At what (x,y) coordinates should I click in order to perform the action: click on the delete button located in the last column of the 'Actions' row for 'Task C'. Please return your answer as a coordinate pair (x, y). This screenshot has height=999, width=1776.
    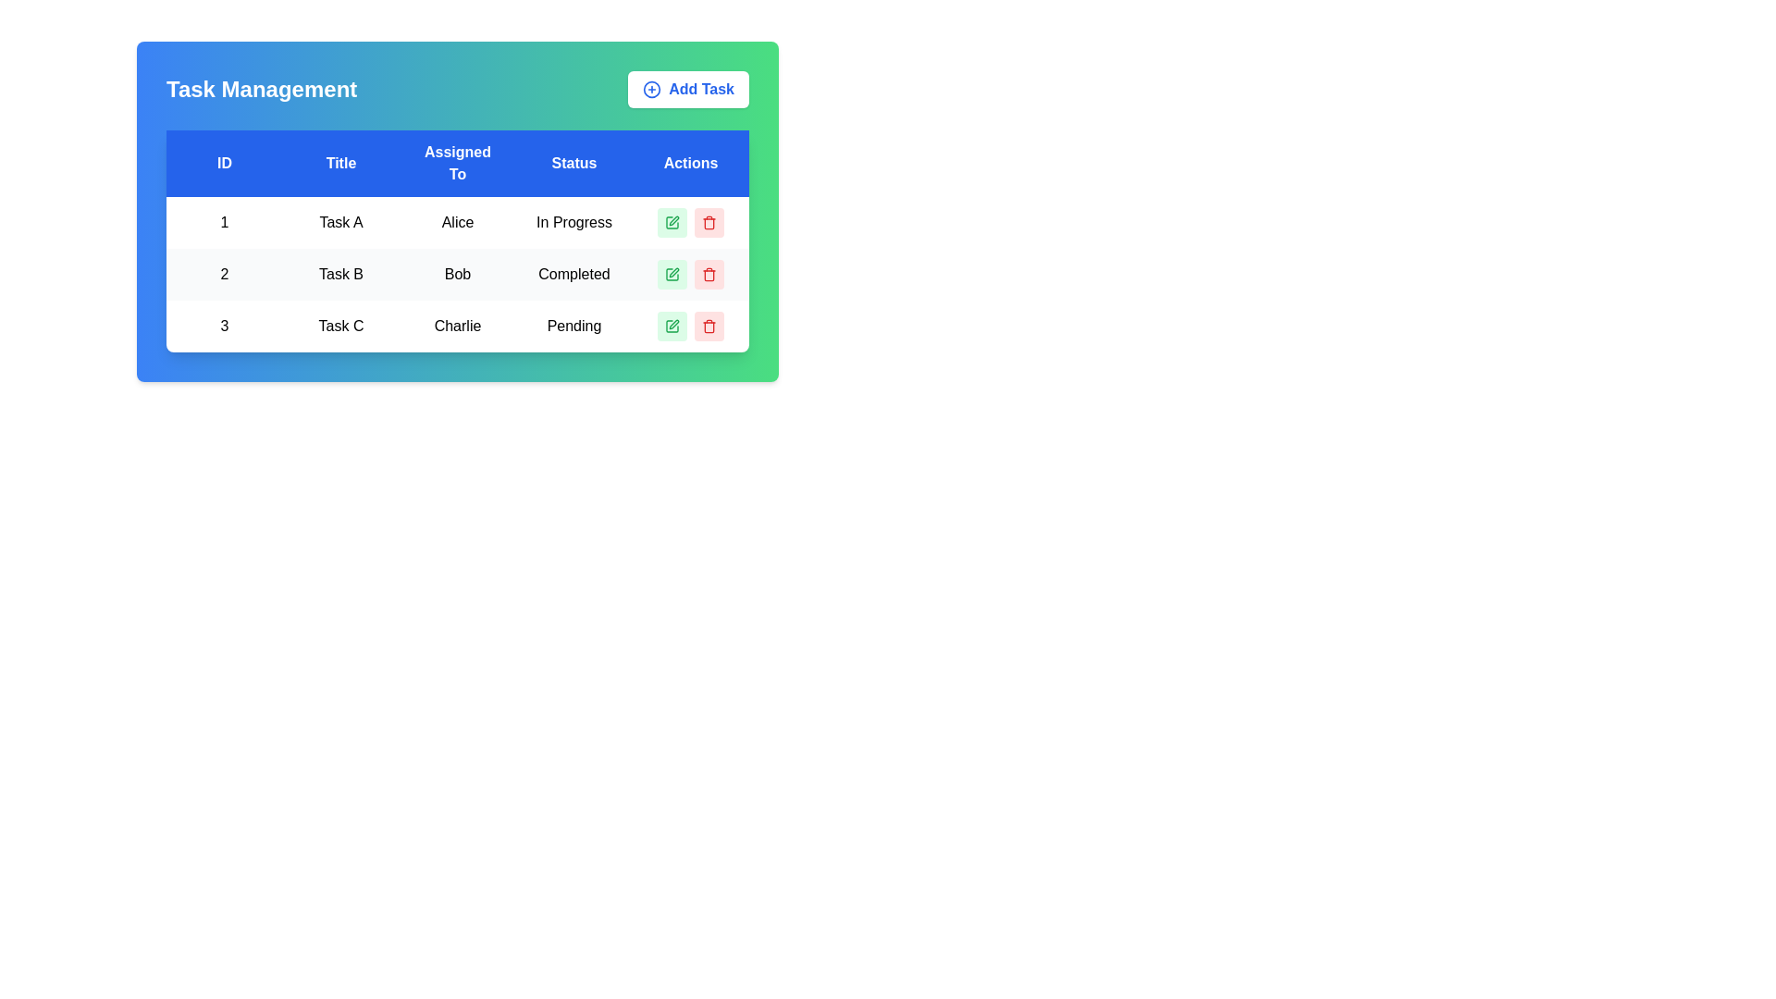
    Looking at the image, I should click on (709, 326).